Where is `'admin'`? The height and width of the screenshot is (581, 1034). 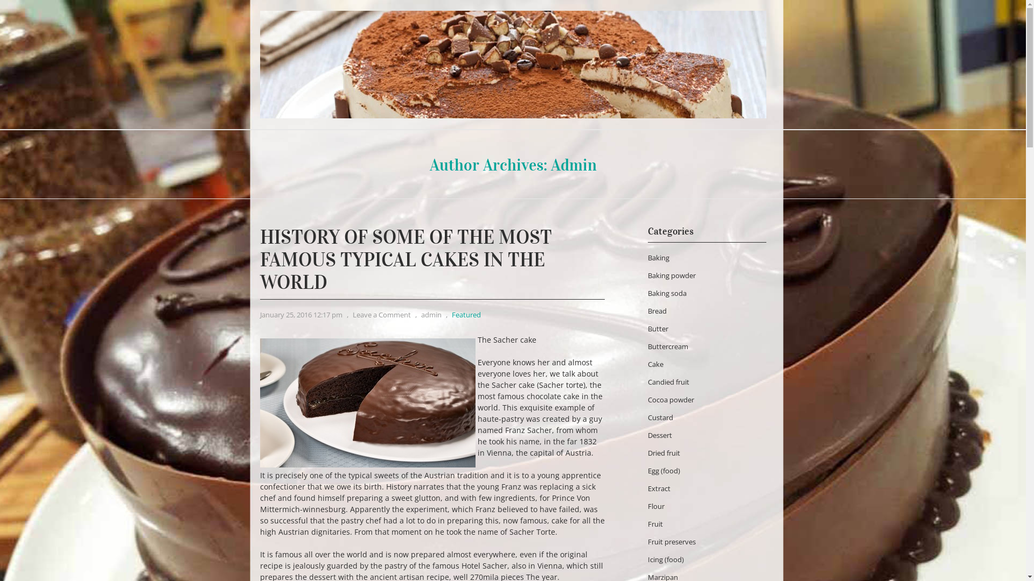
'admin' is located at coordinates (421, 315).